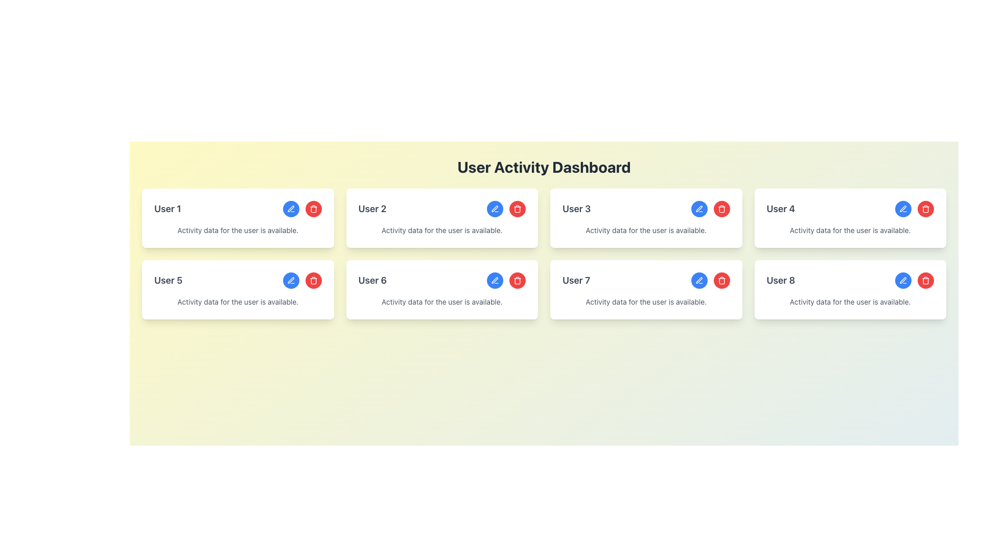  Describe the element at coordinates (925, 208) in the screenshot. I see `the delete button located in the top-right corner of the fourth user card in the user activity dashboard` at that location.